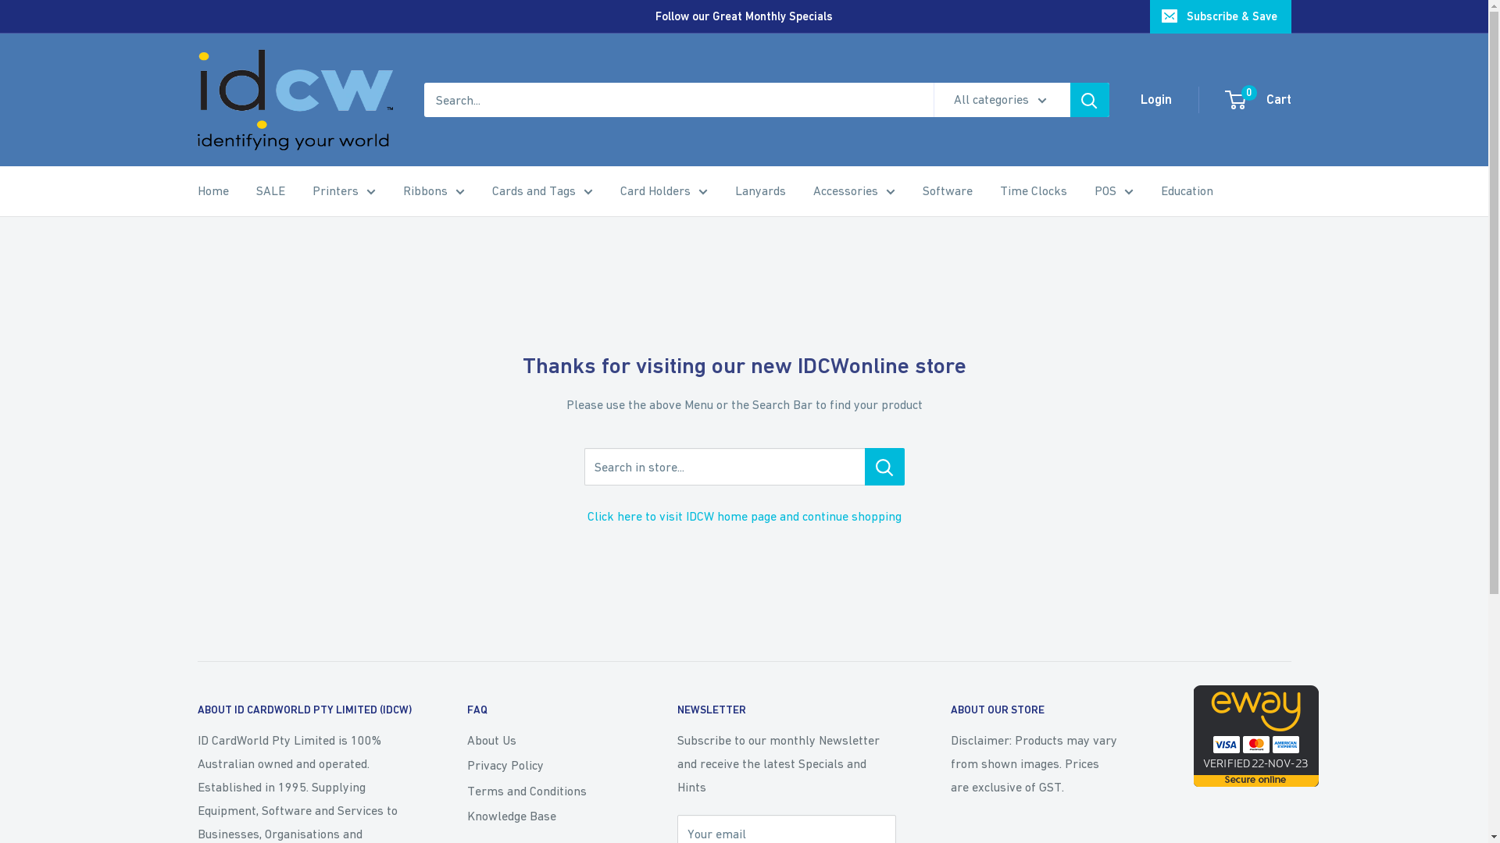 The height and width of the screenshot is (843, 1500). What do you see at coordinates (295, 99) in the screenshot?
I see `'IDCWonline'` at bounding box center [295, 99].